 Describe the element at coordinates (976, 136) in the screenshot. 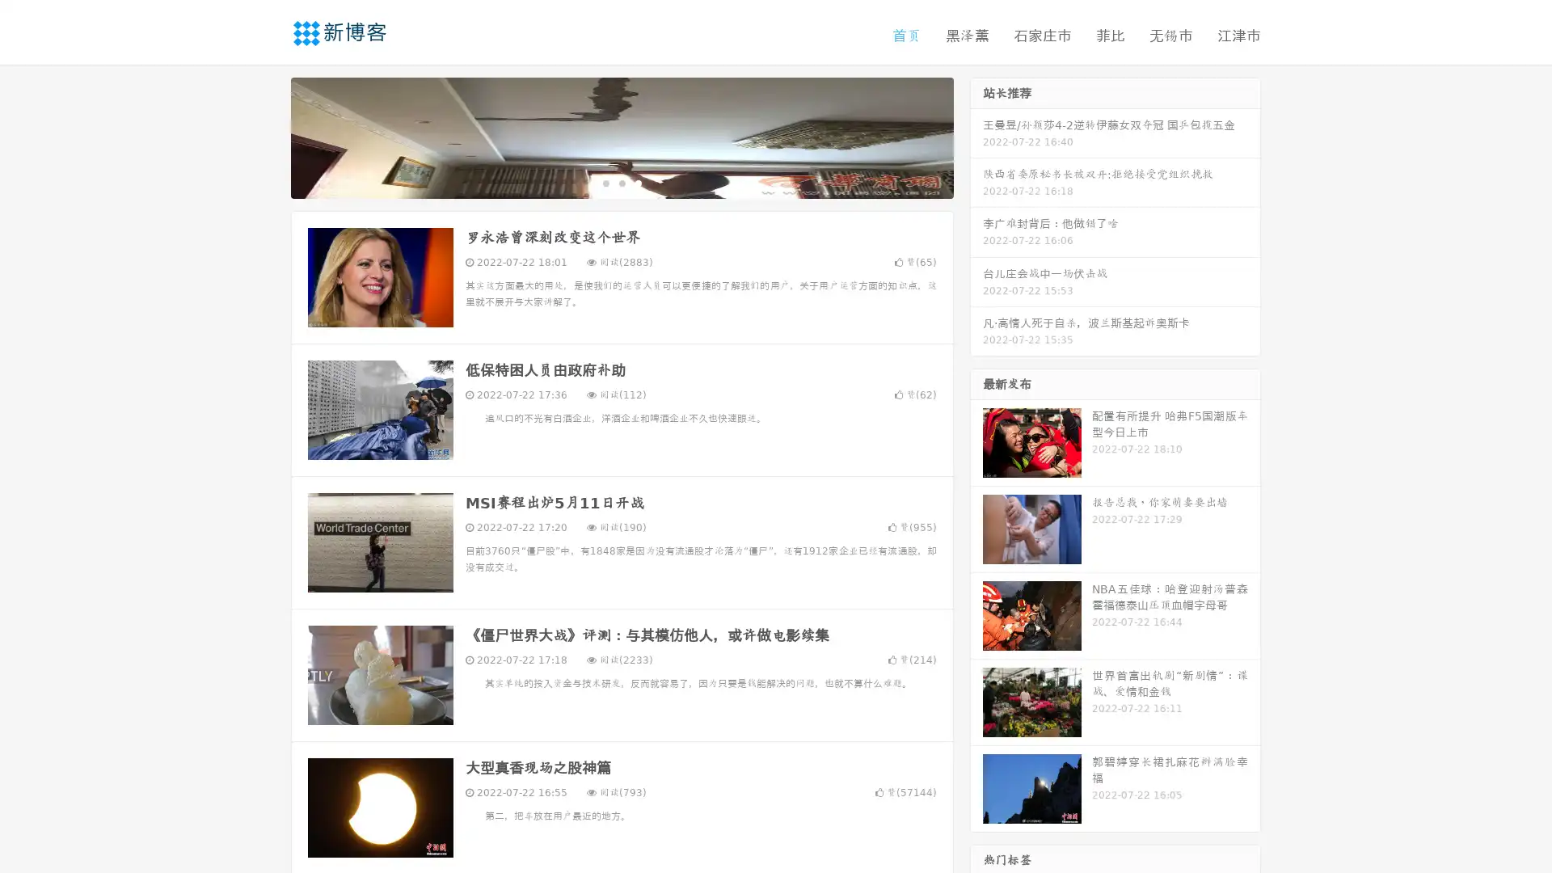

I see `Next slide` at that location.